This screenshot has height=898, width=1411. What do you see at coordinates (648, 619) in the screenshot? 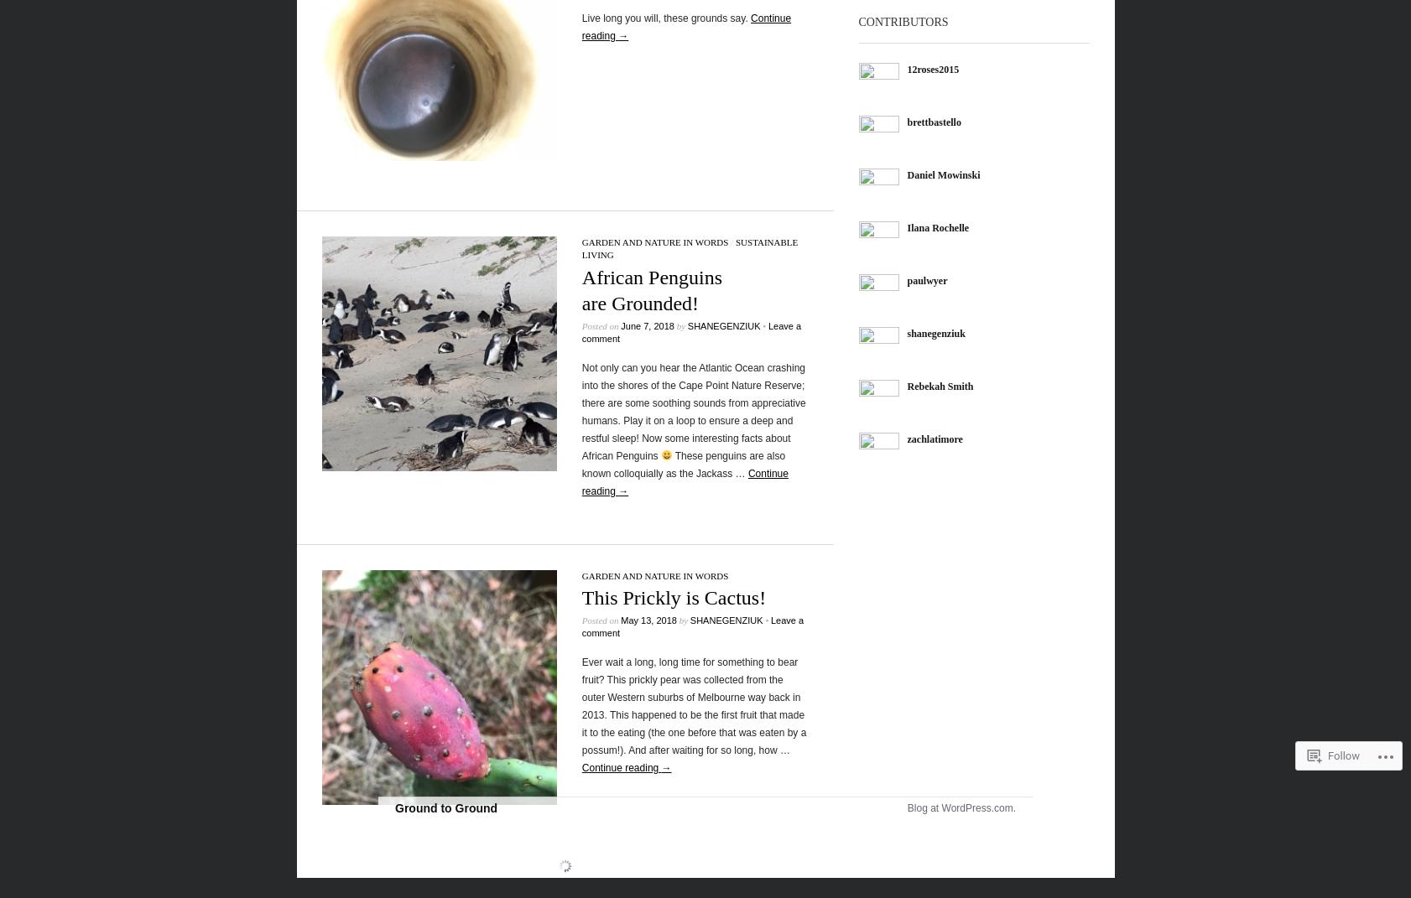
I see `'May 13, 2018'` at bounding box center [648, 619].